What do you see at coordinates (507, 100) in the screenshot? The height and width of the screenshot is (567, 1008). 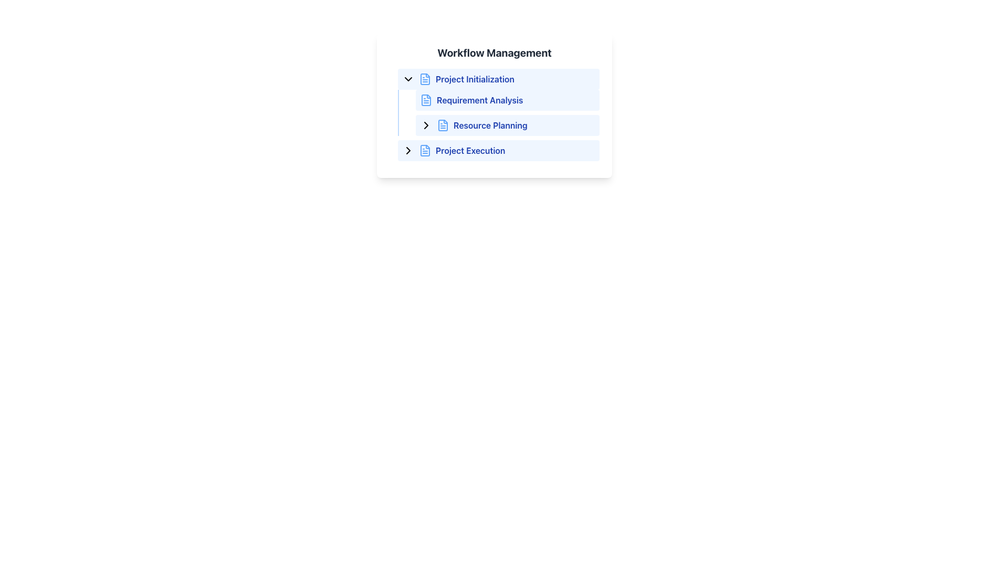 I see `the 'Requirement Analysis' label, which is the second item under the 'Workflow Management' heading in the vertical list` at bounding box center [507, 100].